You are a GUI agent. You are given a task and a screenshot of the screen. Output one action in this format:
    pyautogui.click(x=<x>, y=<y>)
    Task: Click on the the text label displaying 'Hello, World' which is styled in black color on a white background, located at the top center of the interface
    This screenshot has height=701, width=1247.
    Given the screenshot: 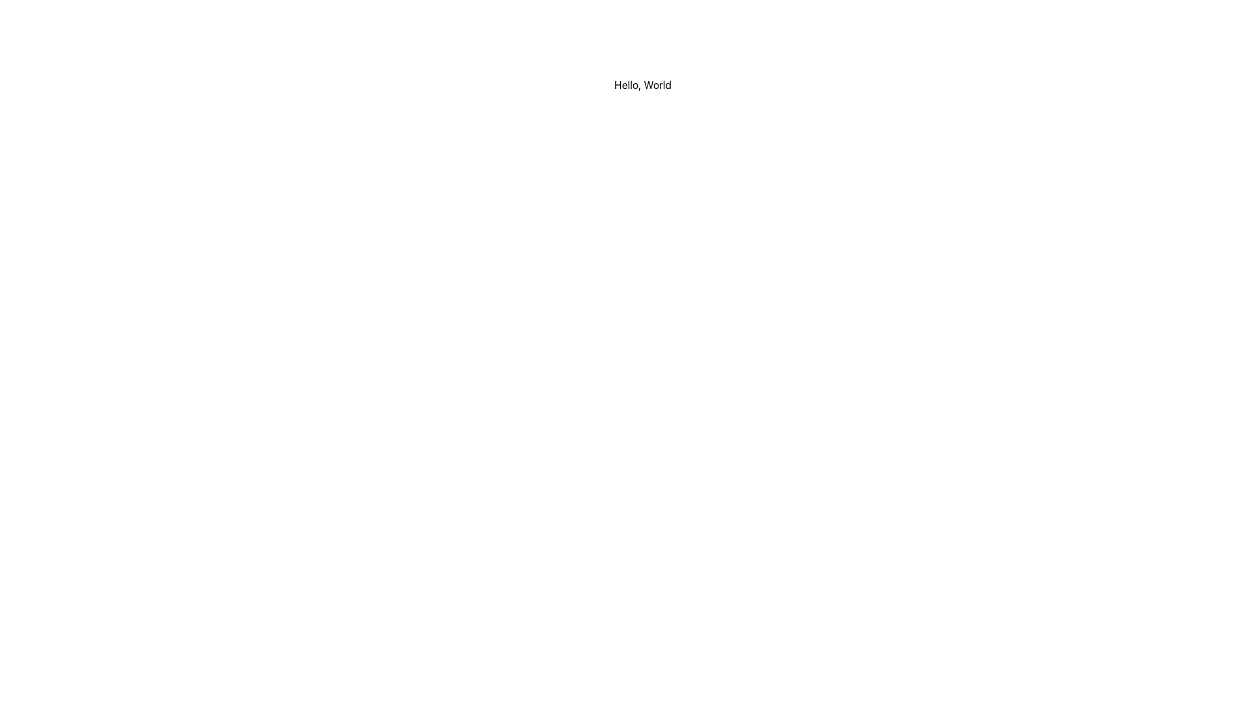 What is the action you would take?
    pyautogui.click(x=642, y=85)
    